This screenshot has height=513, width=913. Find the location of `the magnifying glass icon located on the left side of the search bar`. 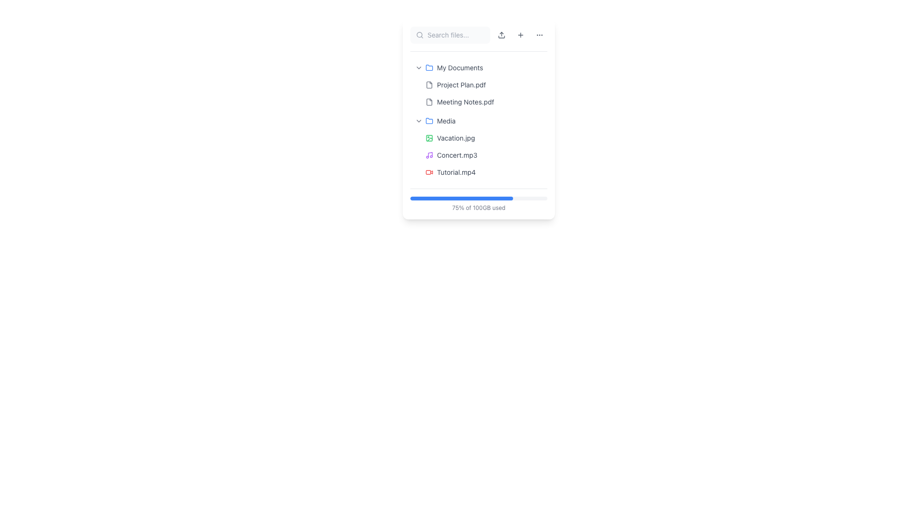

the magnifying glass icon located on the left side of the search bar is located at coordinates (419, 34).